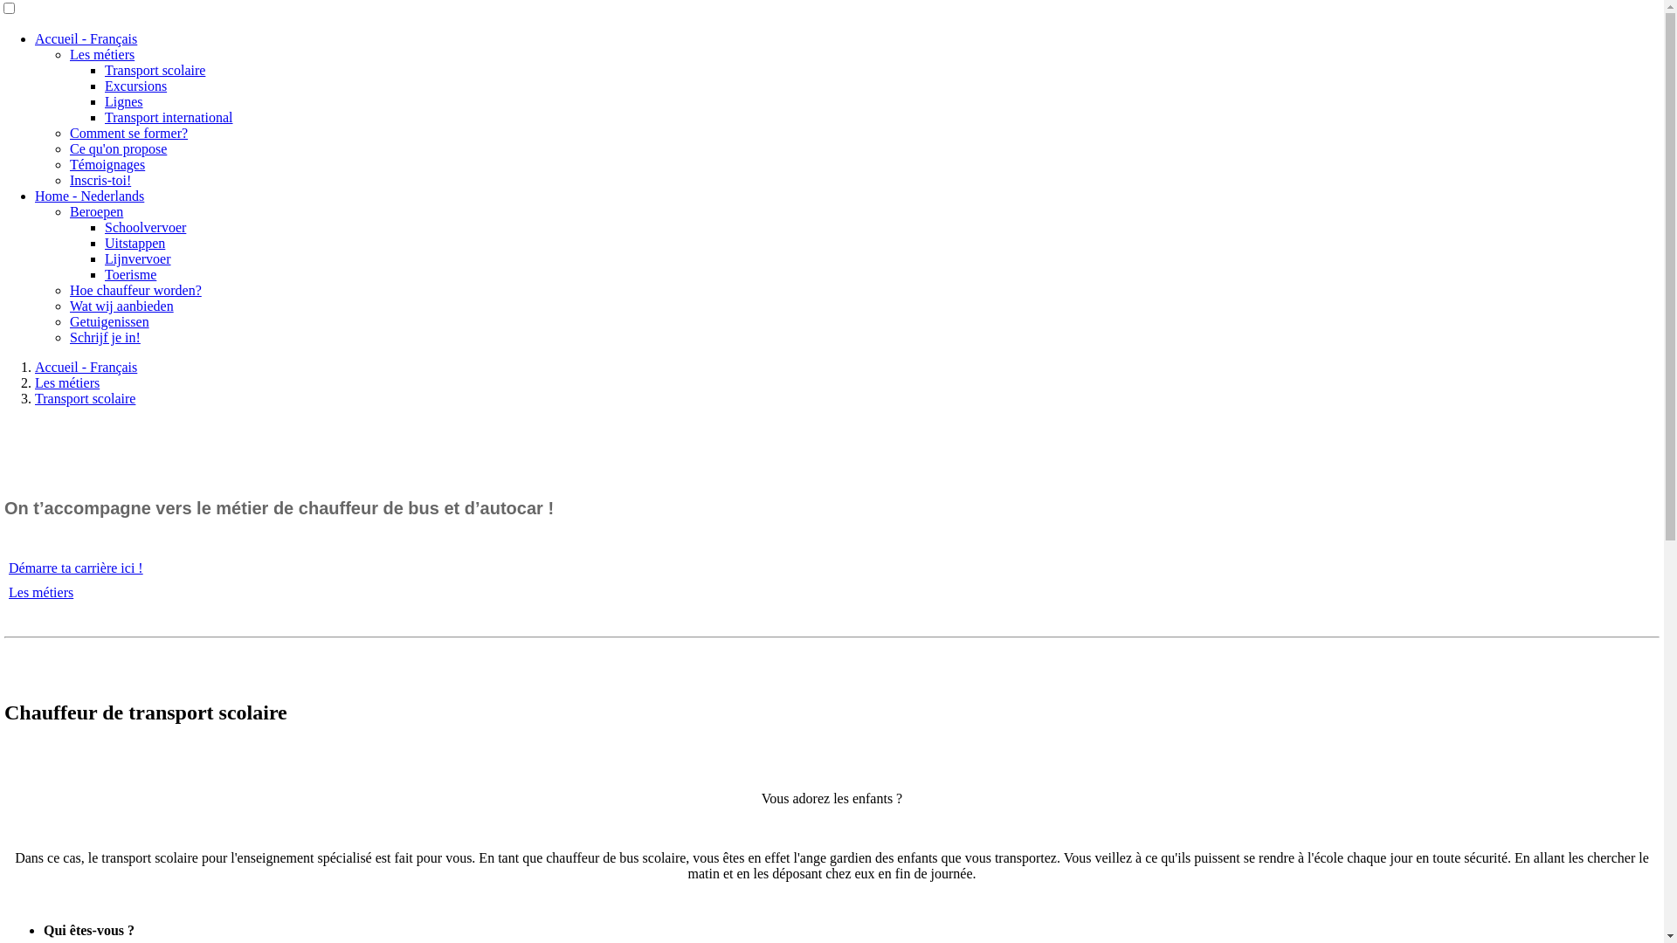 Image resolution: width=1677 pixels, height=943 pixels. What do you see at coordinates (121, 305) in the screenshot?
I see `'Wat wij aanbieden'` at bounding box center [121, 305].